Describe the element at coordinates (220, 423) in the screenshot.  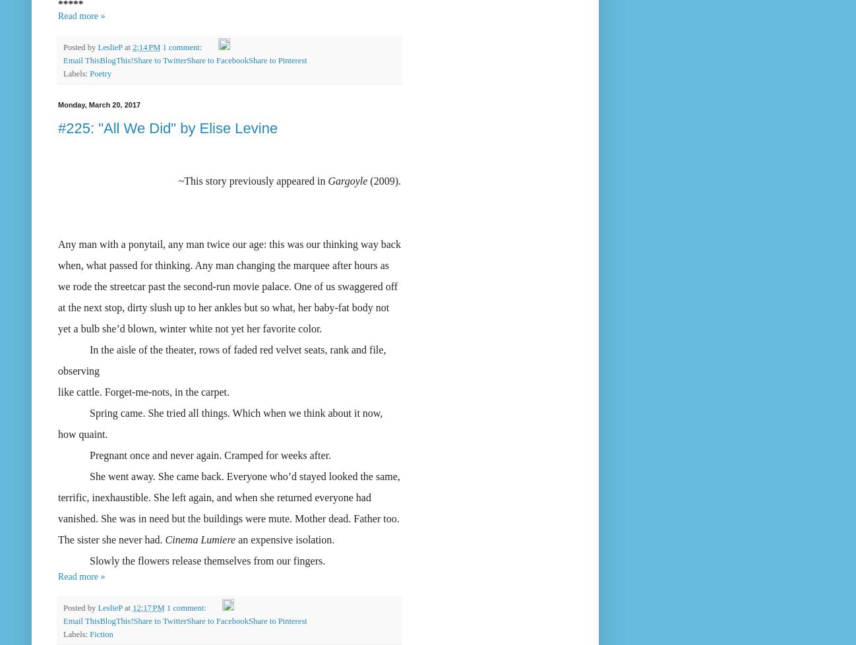
I see `'Spring came. She tried all things. Which when we think
about it now, how quaint.'` at that location.